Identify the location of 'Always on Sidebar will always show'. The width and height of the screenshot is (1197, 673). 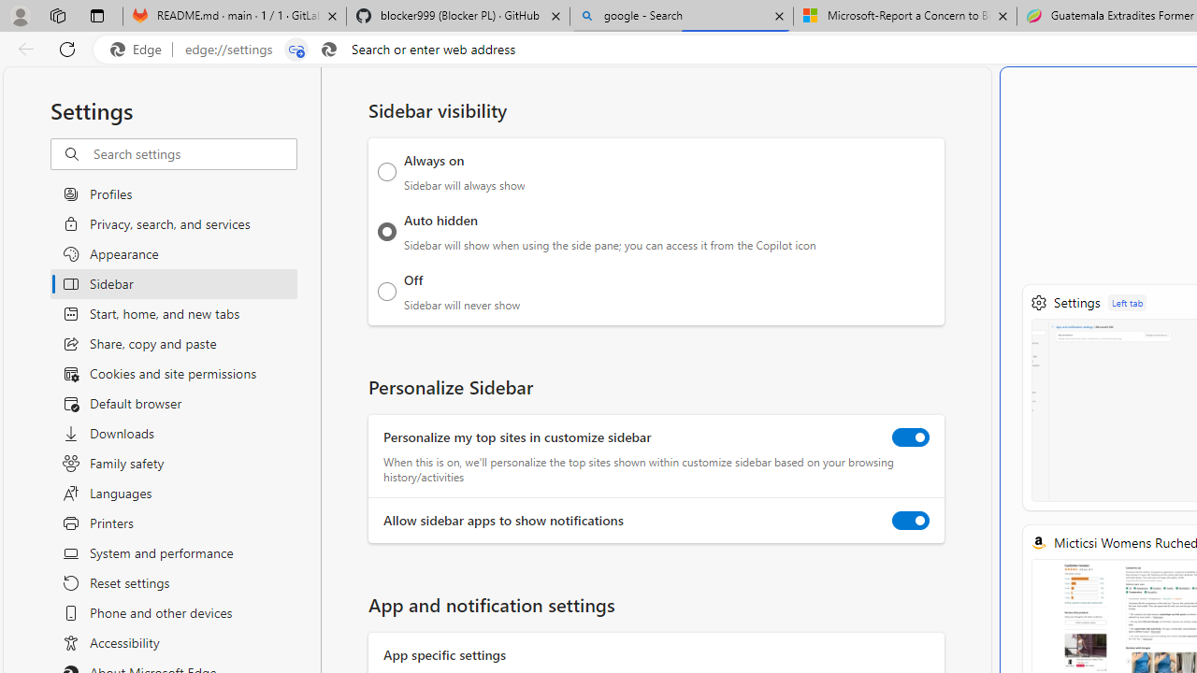
(386, 171).